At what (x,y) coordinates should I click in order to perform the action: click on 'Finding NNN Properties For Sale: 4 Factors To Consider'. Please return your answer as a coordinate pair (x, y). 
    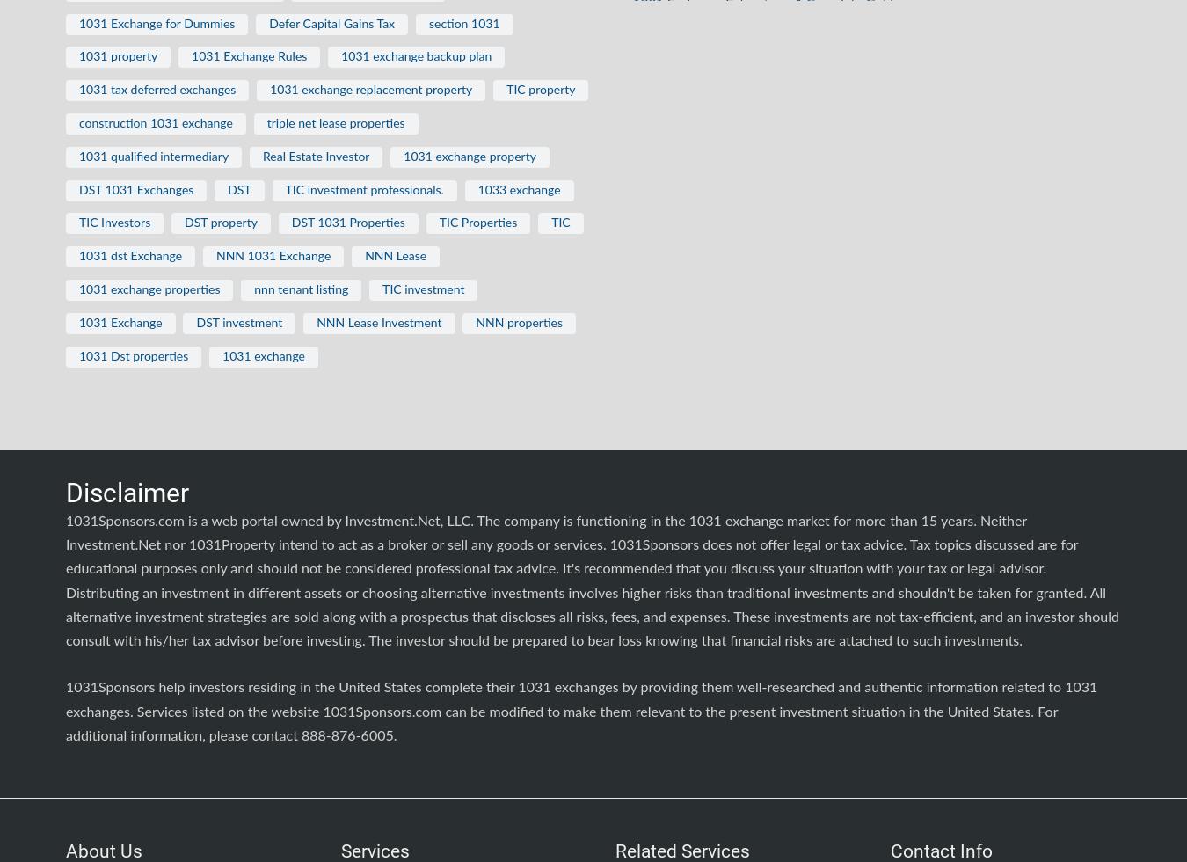
    Looking at the image, I should click on (631, 53).